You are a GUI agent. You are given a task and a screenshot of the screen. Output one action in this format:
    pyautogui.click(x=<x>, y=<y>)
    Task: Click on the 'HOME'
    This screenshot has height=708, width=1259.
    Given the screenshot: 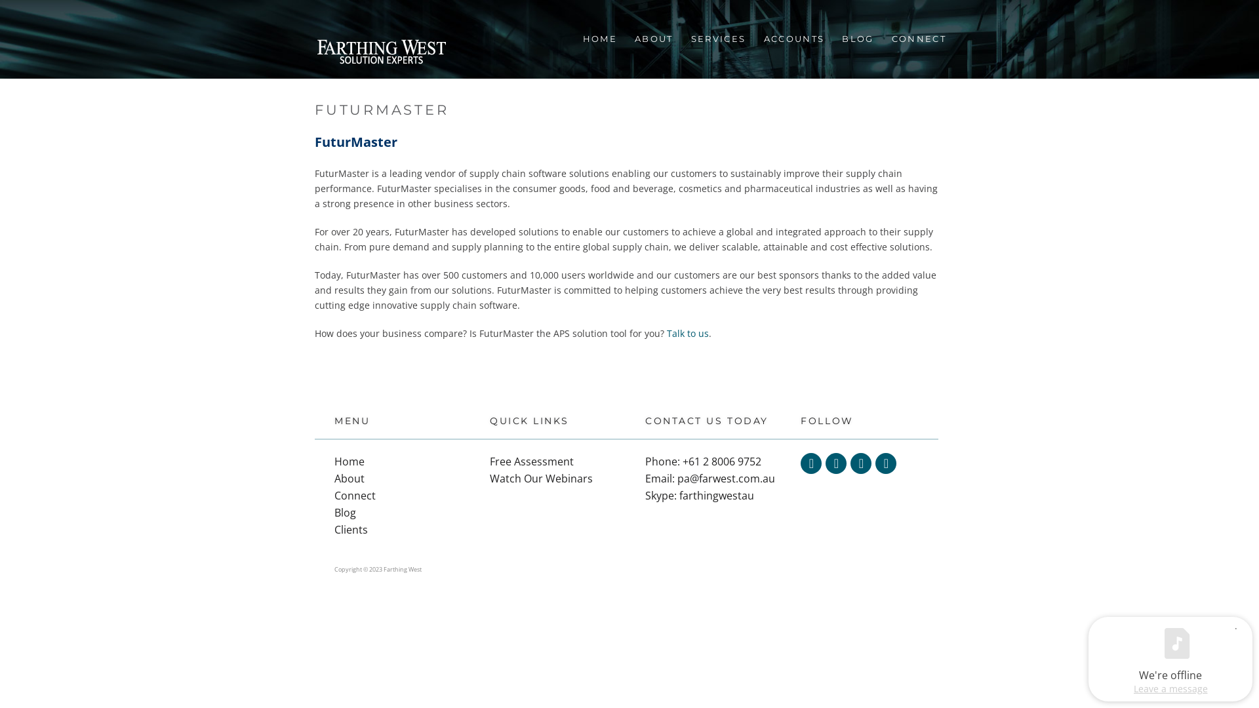 What is the action you would take?
    pyautogui.click(x=598, y=38)
    